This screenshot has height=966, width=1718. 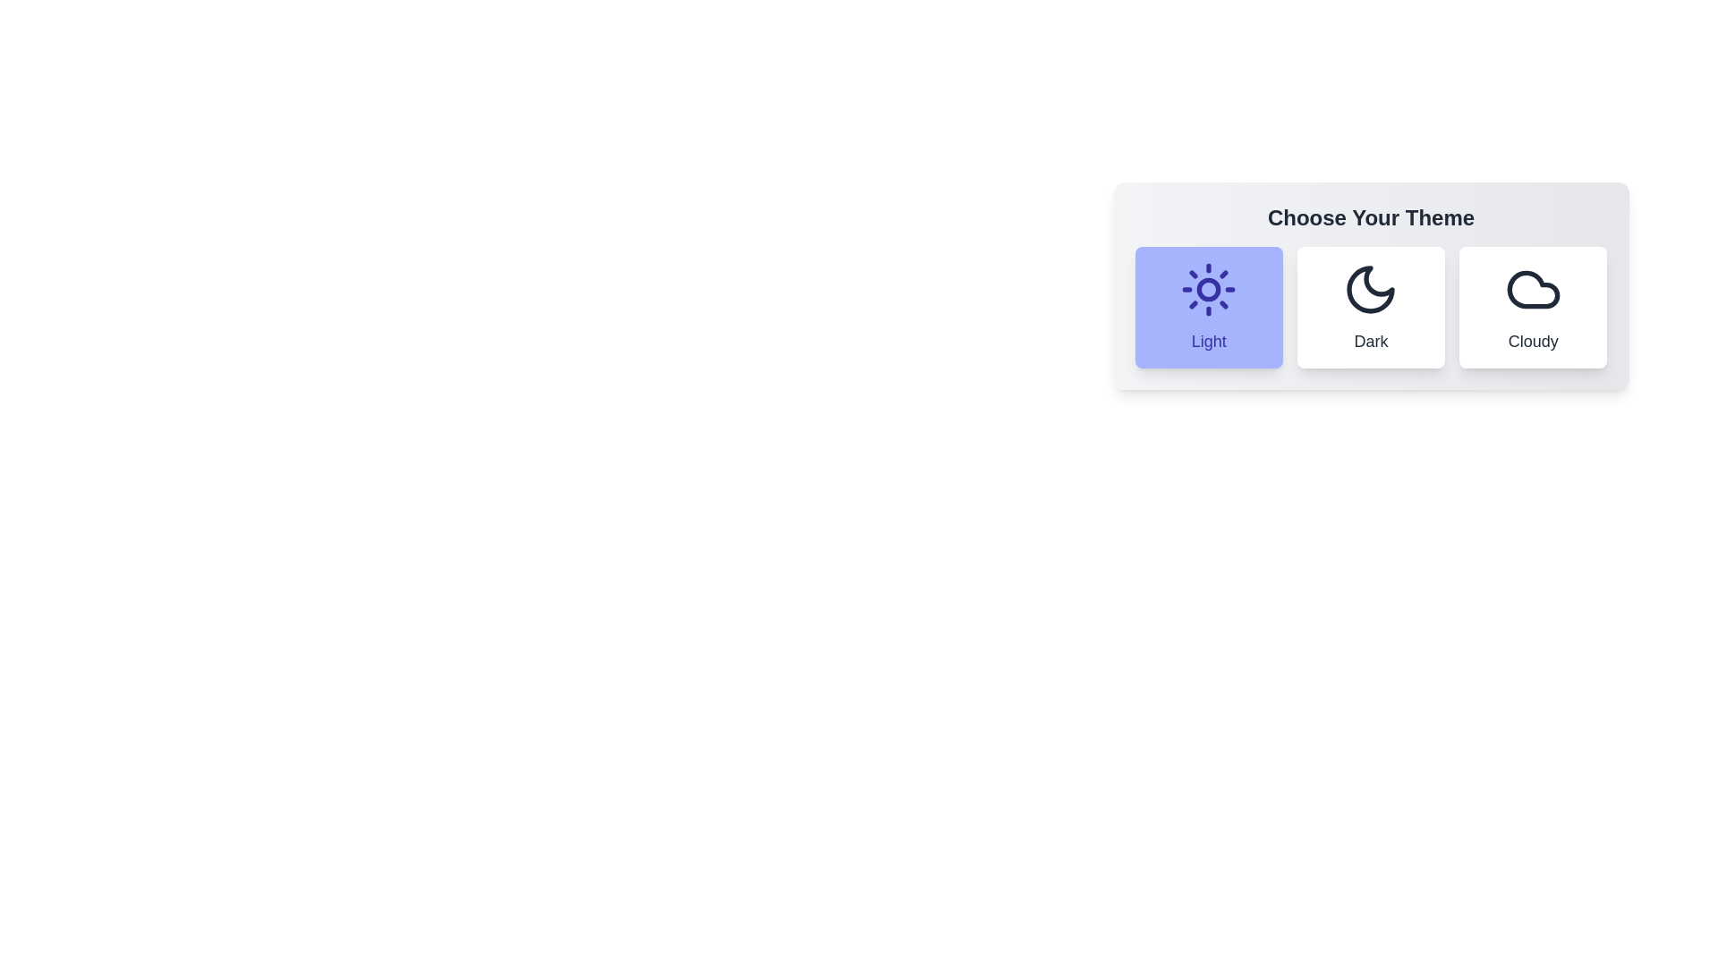 I want to click on the stylized sun icon within the 'Light' button, so click(x=1209, y=289).